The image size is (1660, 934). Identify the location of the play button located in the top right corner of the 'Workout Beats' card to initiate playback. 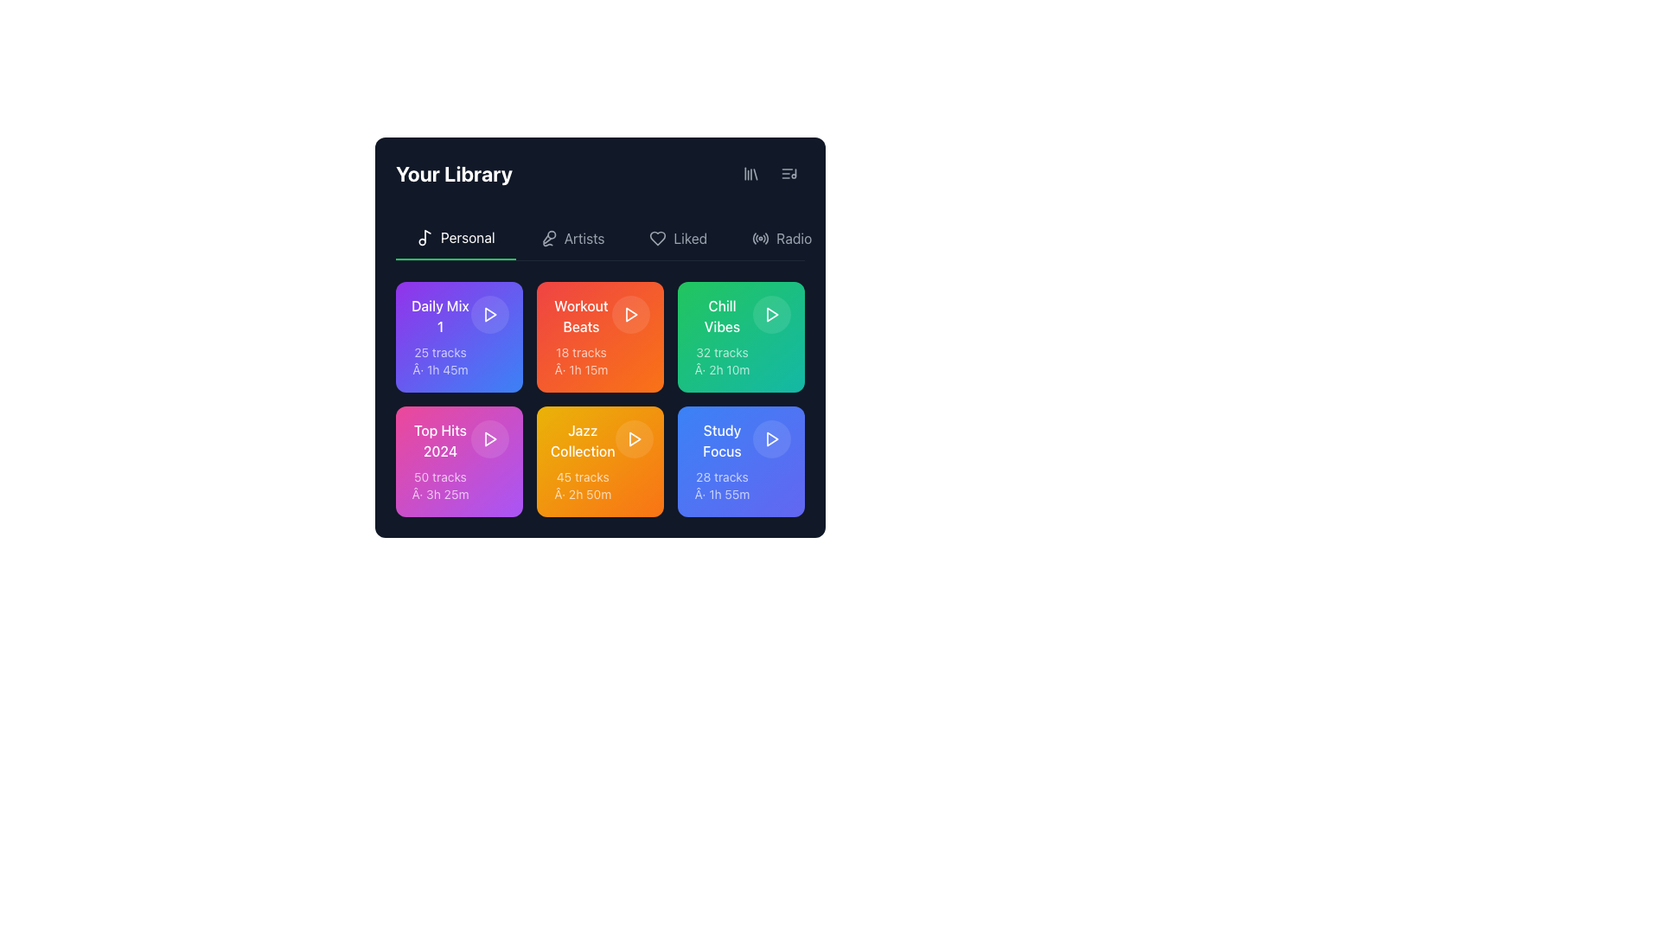
(629, 314).